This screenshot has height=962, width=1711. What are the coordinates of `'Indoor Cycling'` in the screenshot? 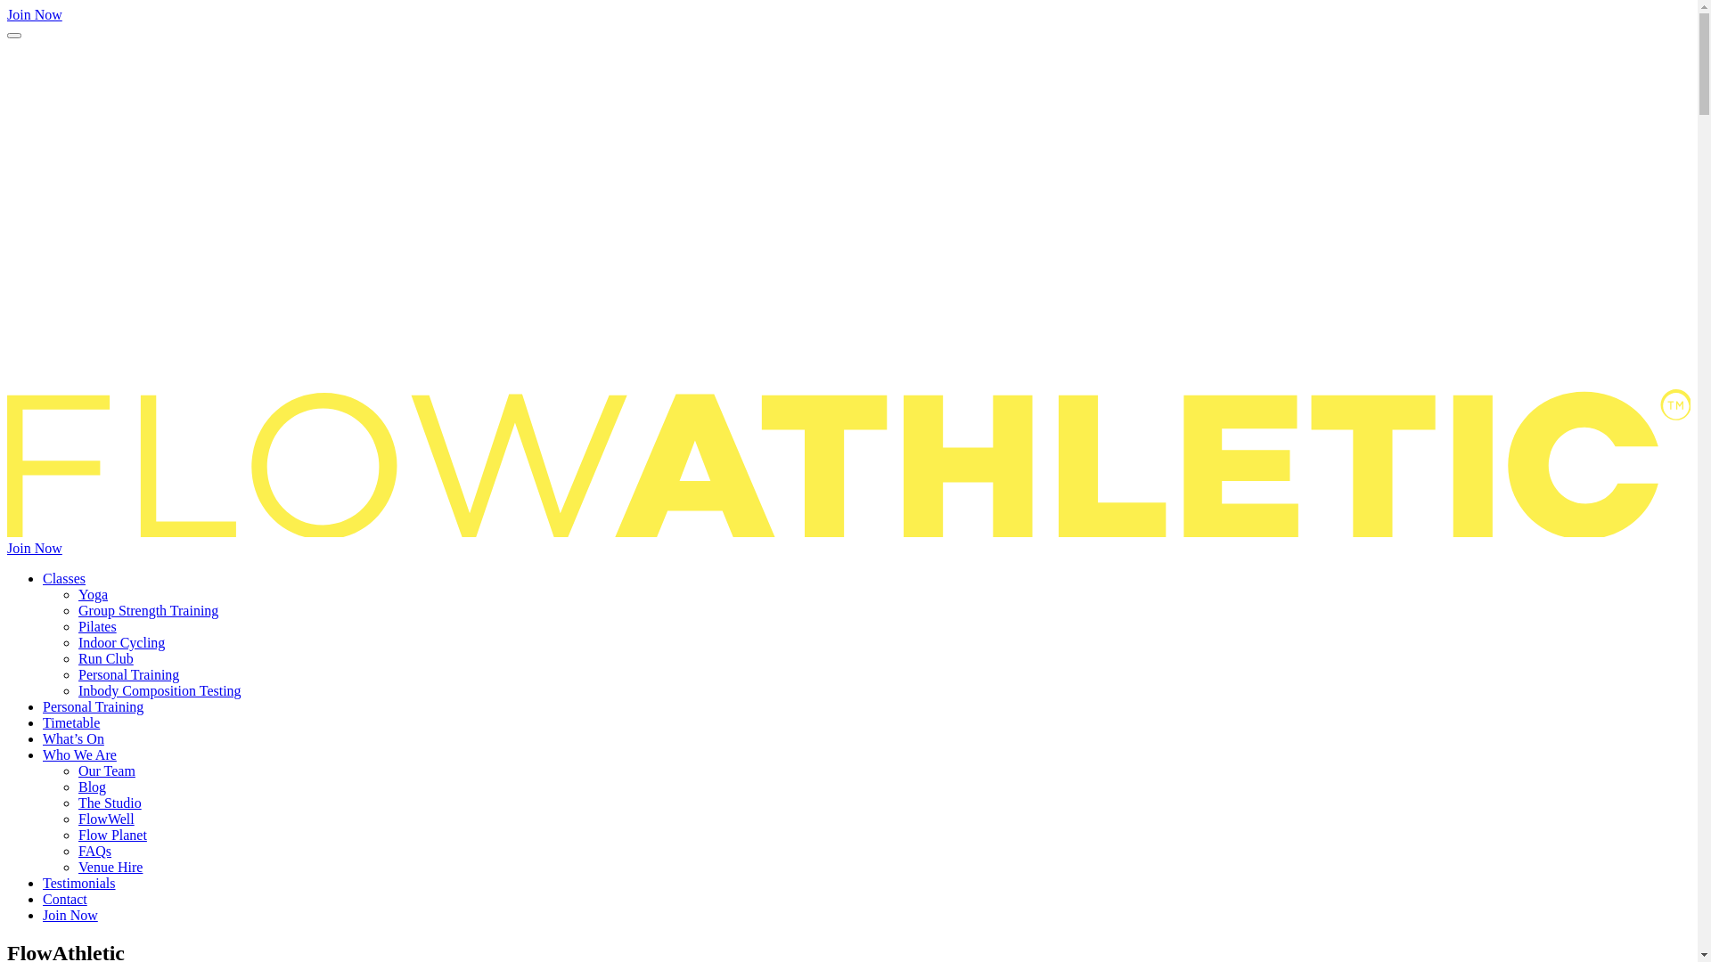 It's located at (120, 642).